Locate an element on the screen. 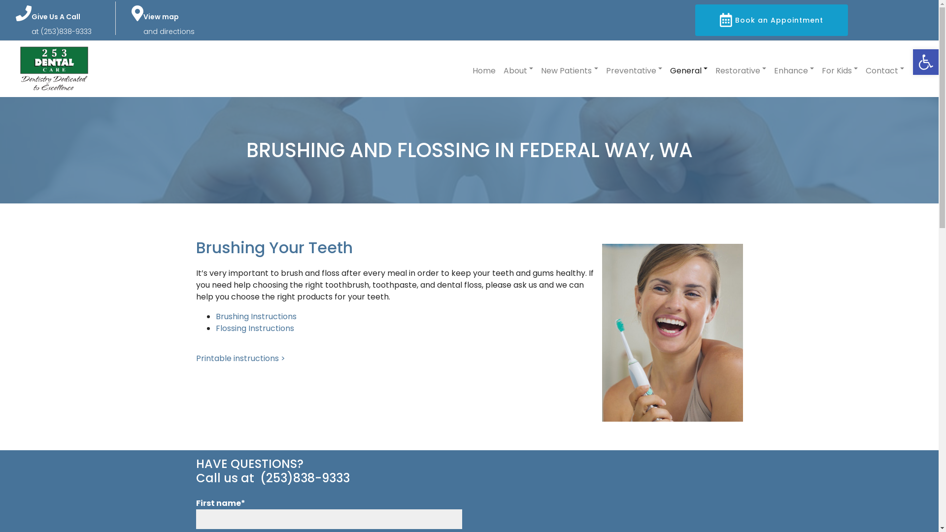  'New Patients' is located at coordinates (569, 68).